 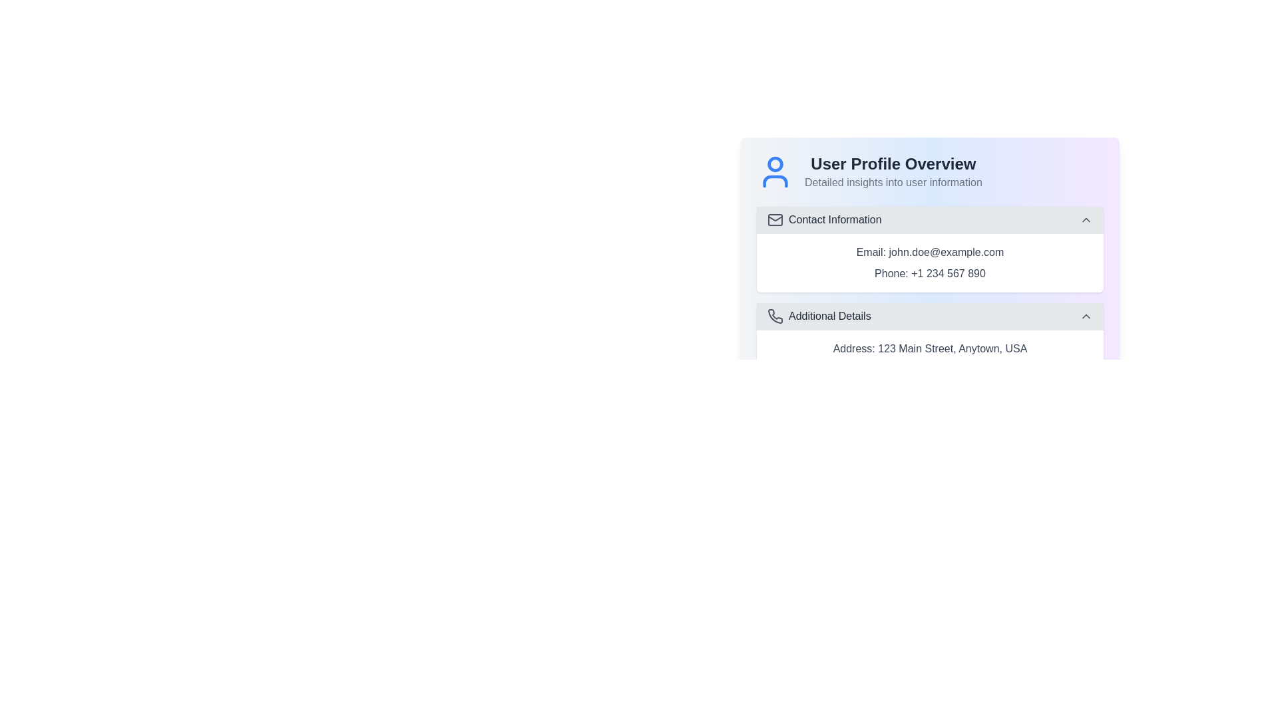 What do you see at coordinates (834, 219) in the screenshot?
I see `the text label displaying 'Contact Information', which is styled in gray and positioned near an envelope icon within the collapsible panel header of the 'User Profile Overview' card` at bounding box center [834, 219].